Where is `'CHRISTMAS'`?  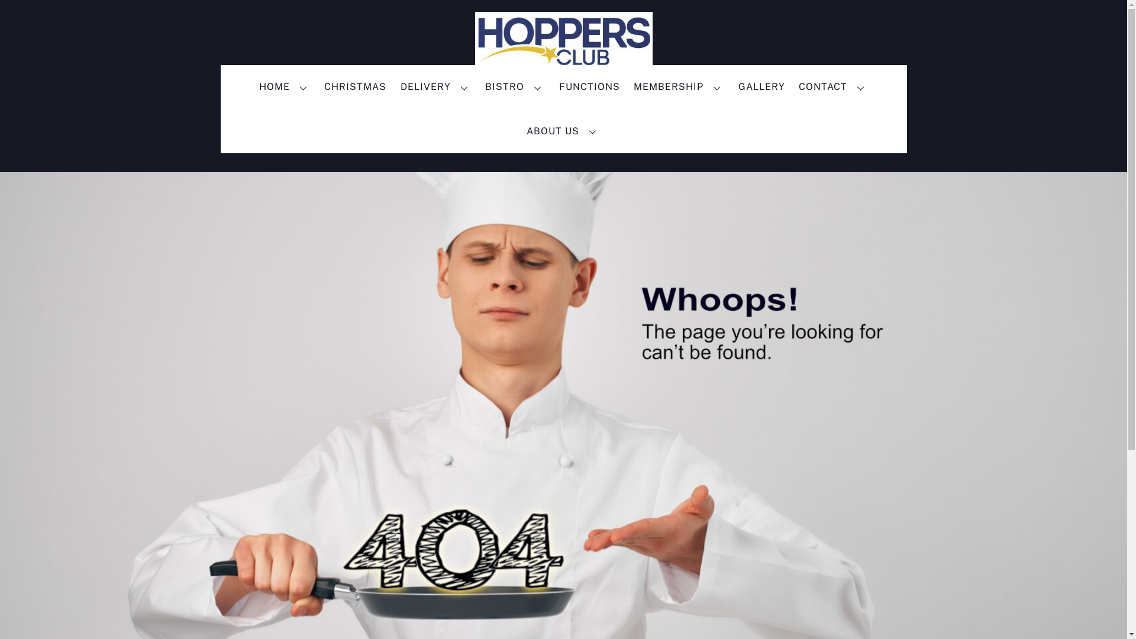
'CHRISTMAS' is located at coordinates (318, 86).